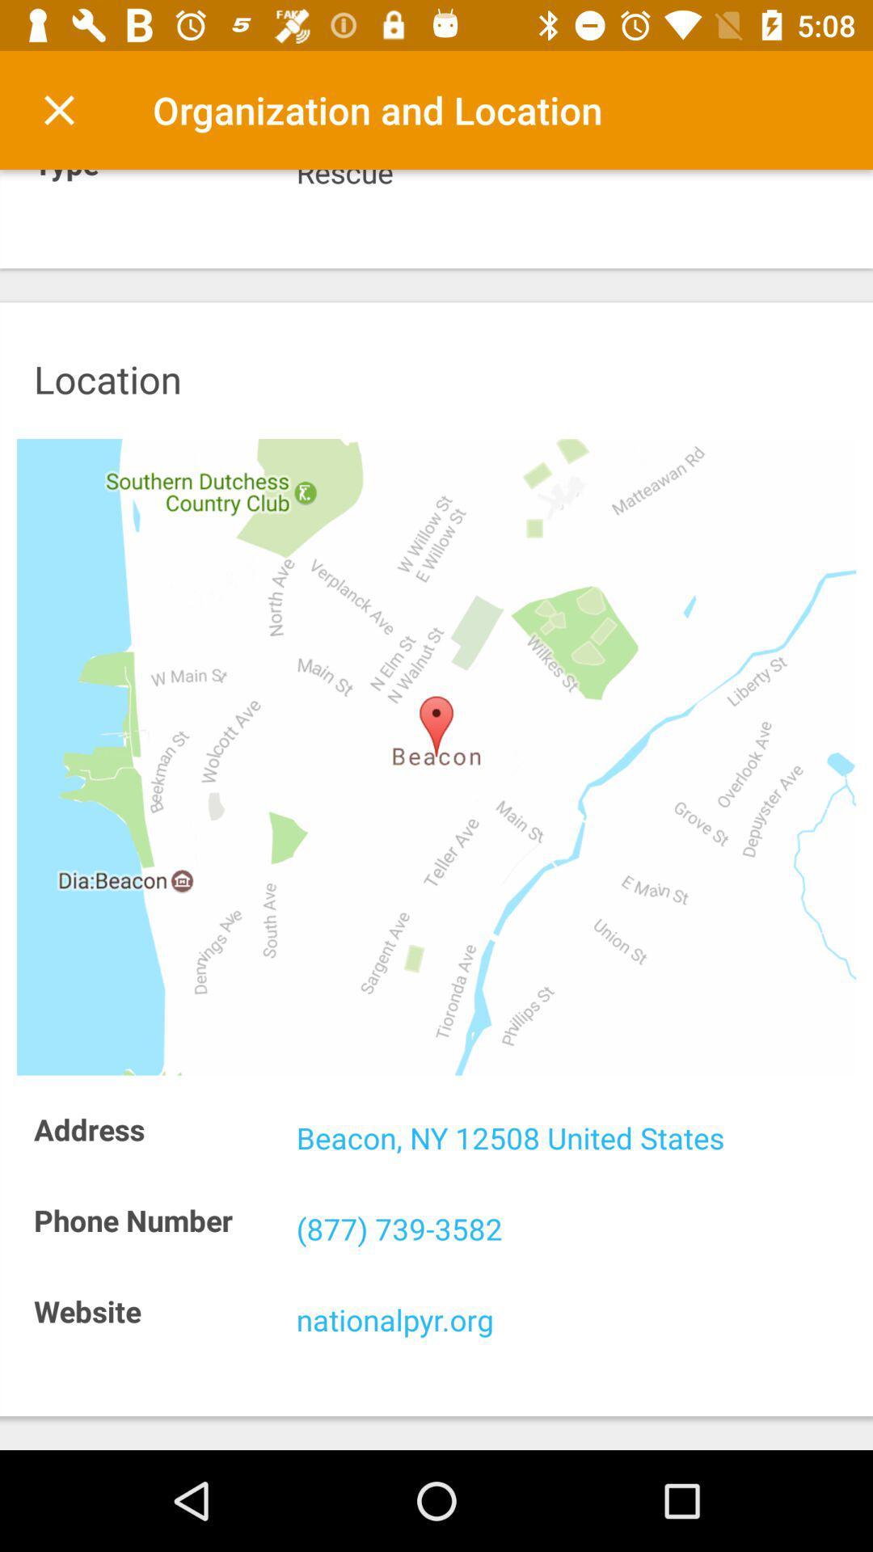 This screenshot has width=873, height=1552. Describe the element at coordinates (436, 756) in the screenshot. I see `the icon at the center` at that location.